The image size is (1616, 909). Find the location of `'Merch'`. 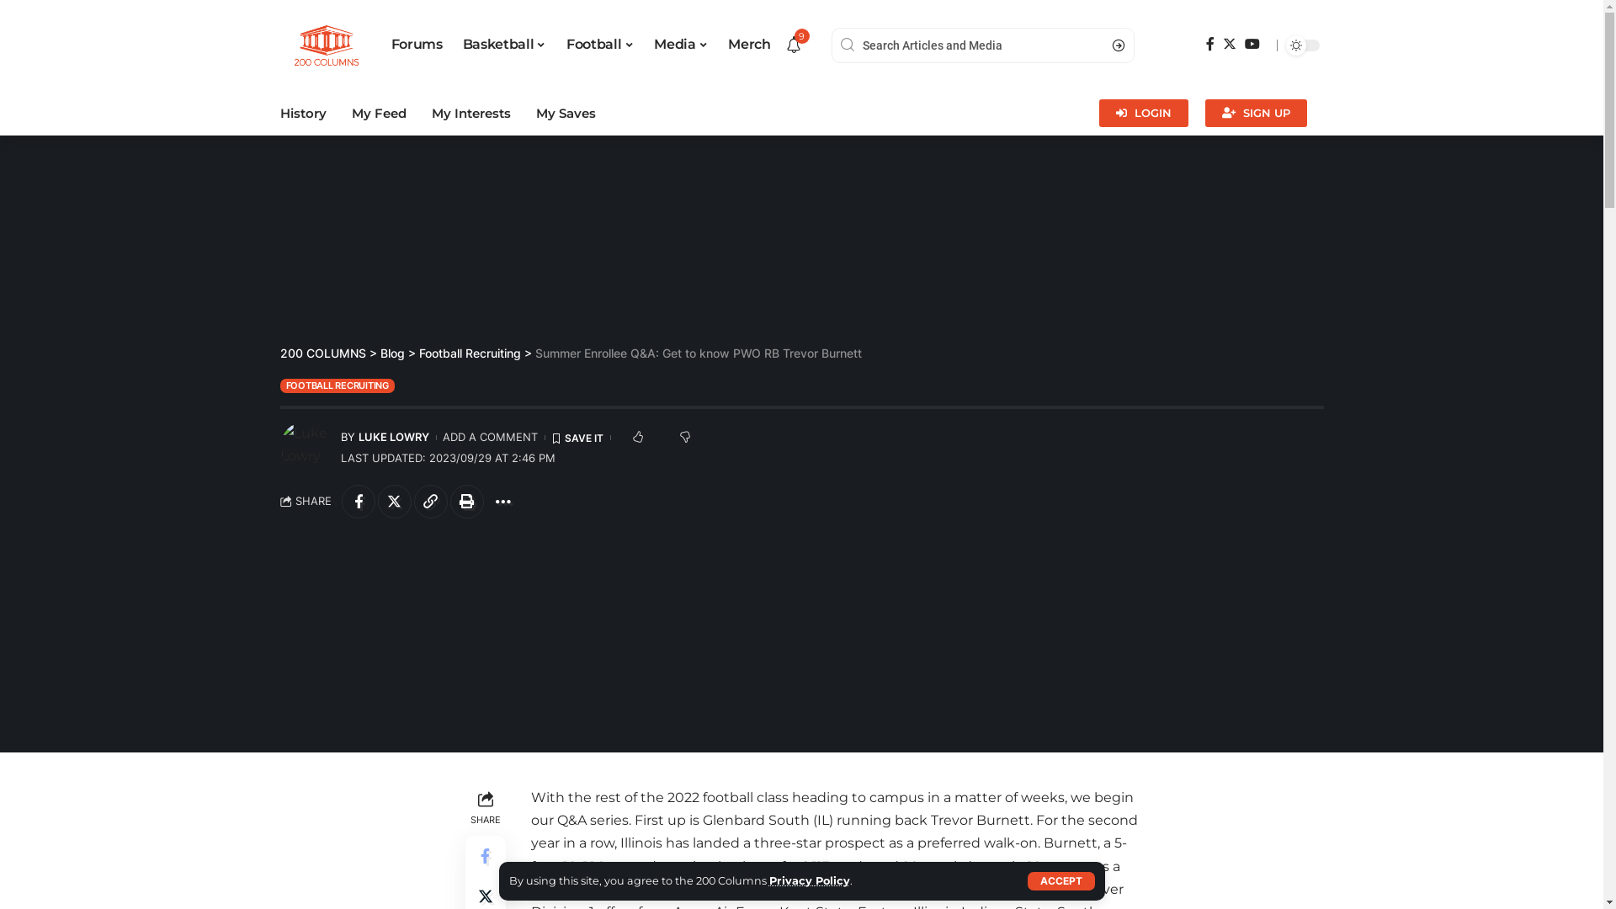

'Merch' is located at coordinates (747, 45).